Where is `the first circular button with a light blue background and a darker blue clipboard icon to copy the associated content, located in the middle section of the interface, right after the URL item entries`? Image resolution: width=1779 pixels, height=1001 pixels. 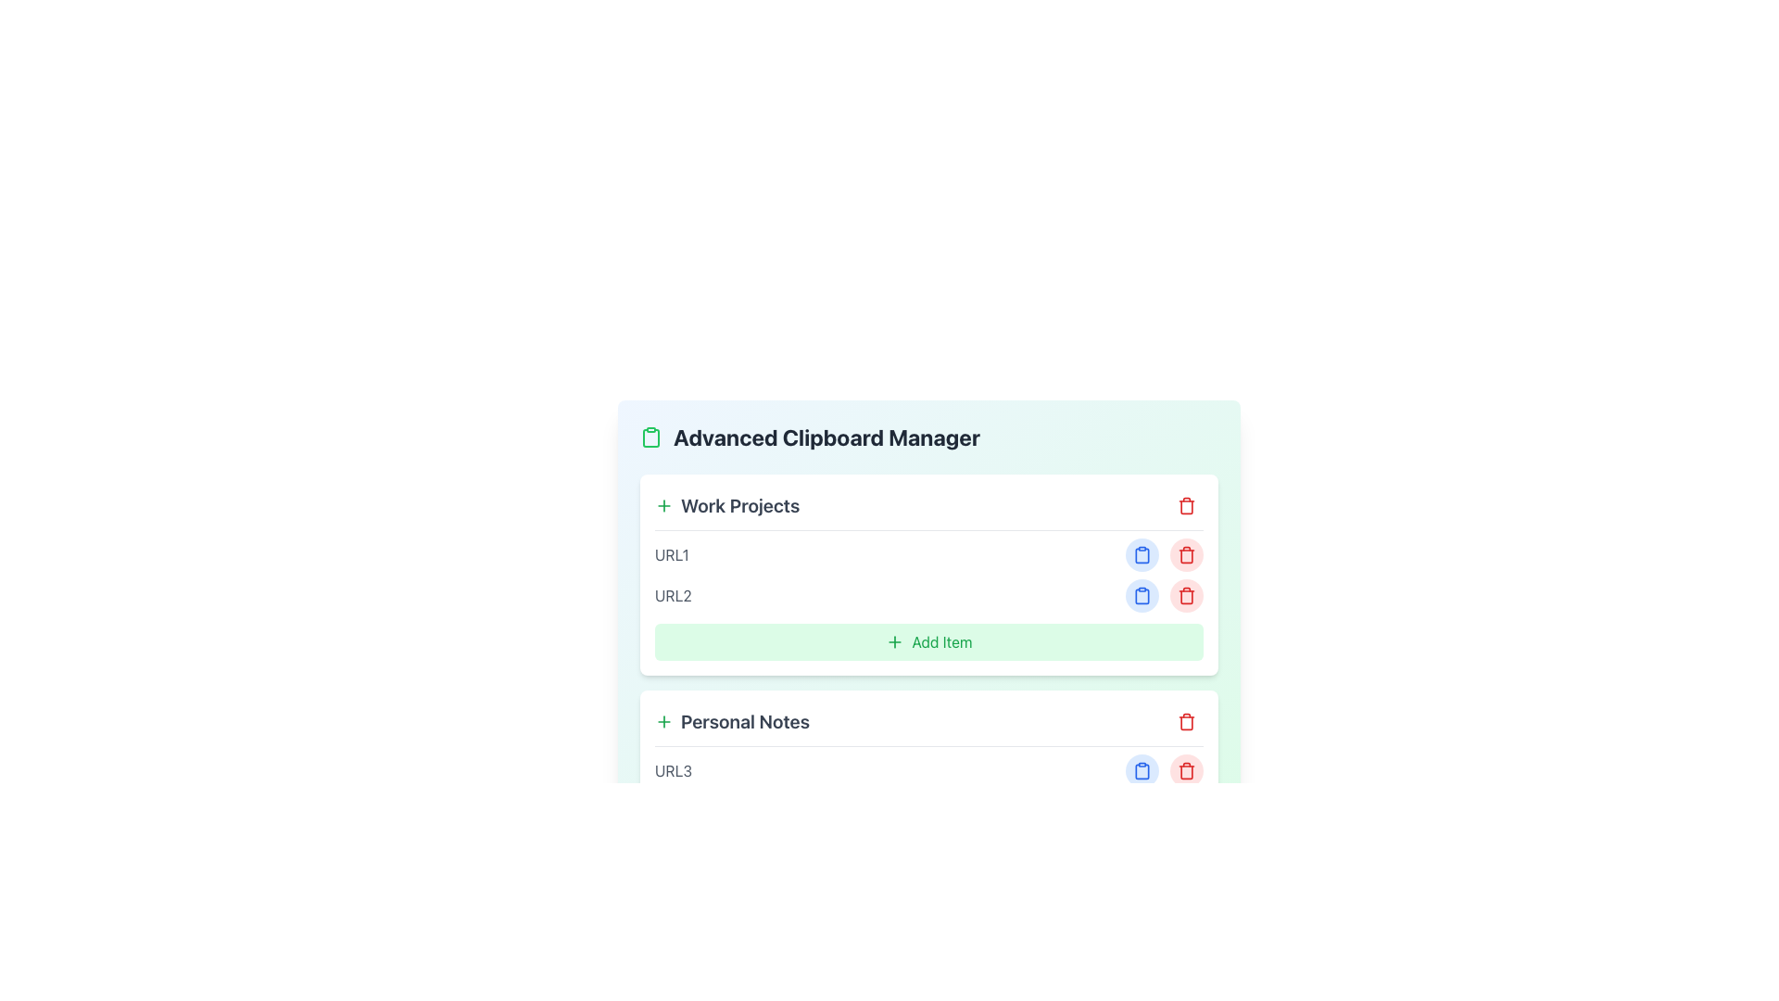
the first circular button with a light blue background and a darker blue clipboard icon to copy the associated content, located in the middle section of the interface, right after the URL item entries is located at coordinates (1142, 553).